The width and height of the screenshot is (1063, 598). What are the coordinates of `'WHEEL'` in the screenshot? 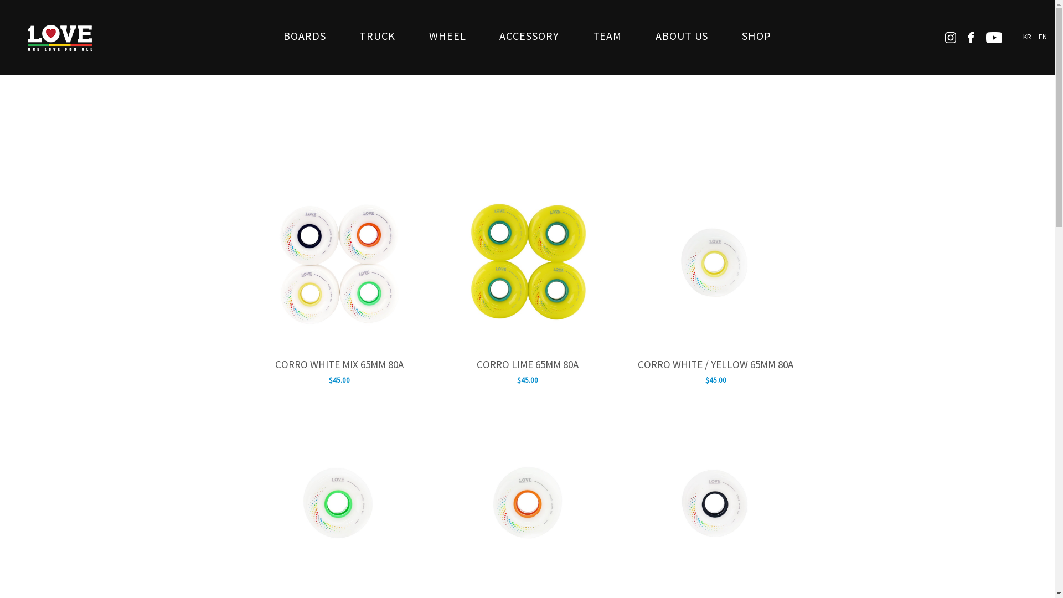 It's located at (422, 36).